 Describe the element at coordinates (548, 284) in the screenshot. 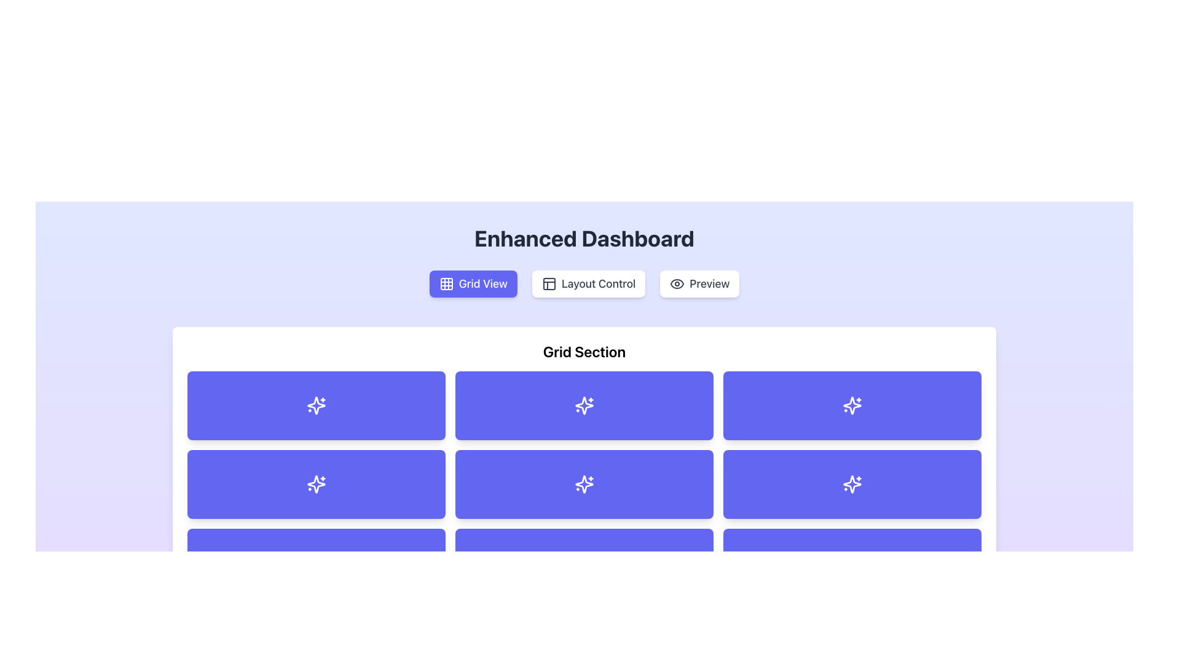

I see `the graphical component of the SVG icon located` at that location.